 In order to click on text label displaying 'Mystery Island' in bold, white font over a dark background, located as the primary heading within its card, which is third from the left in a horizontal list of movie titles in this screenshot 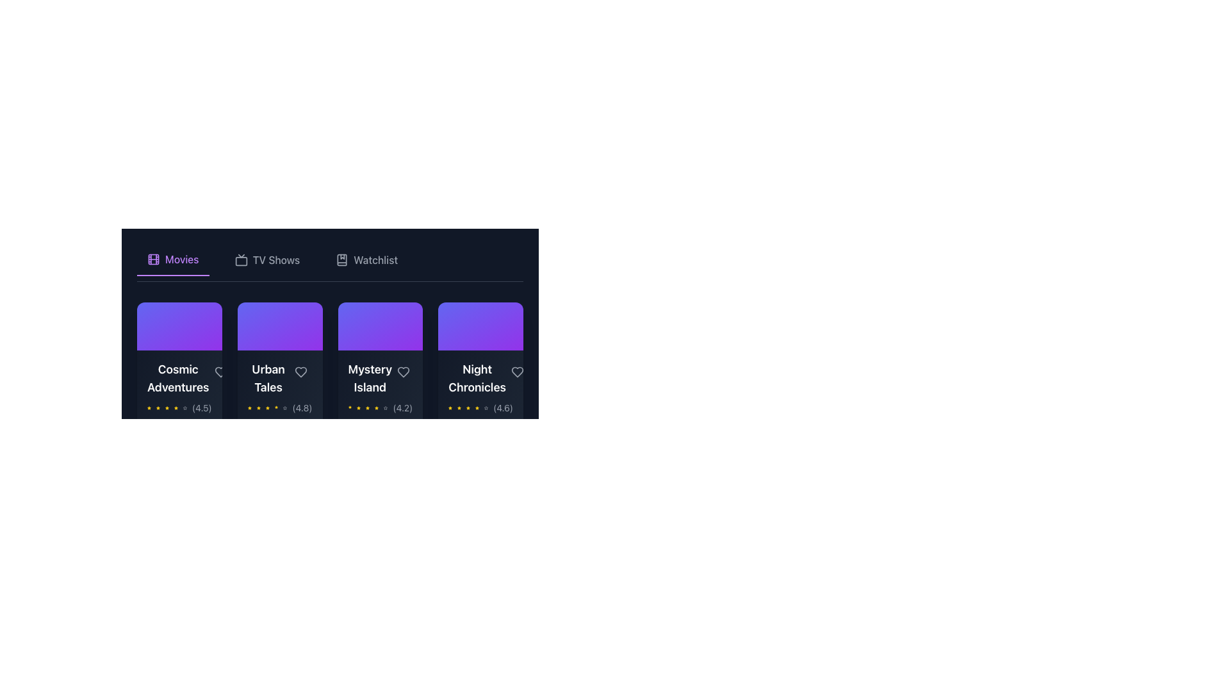, I will do `click(379, 377)`.